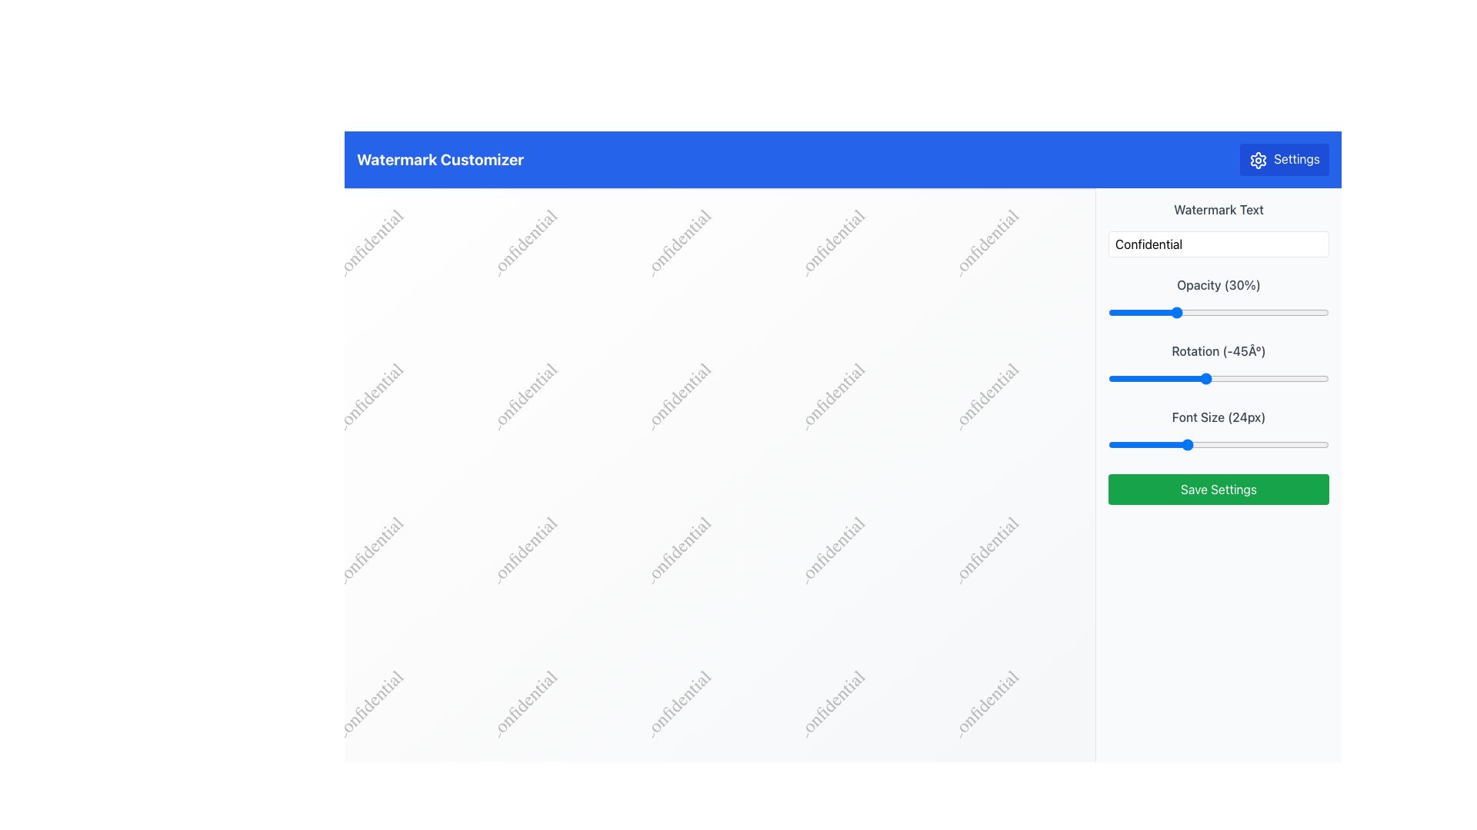  I want to click on the opacity, so click(1236, 311).